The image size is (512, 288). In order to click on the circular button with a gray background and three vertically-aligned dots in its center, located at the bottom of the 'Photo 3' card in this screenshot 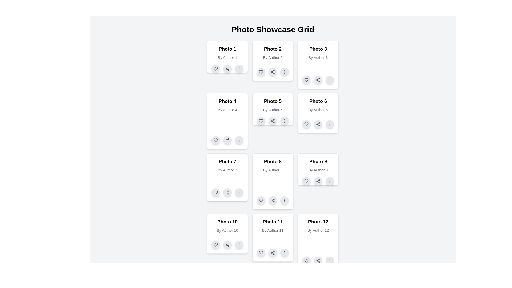, I will do `click(330, 80)`.